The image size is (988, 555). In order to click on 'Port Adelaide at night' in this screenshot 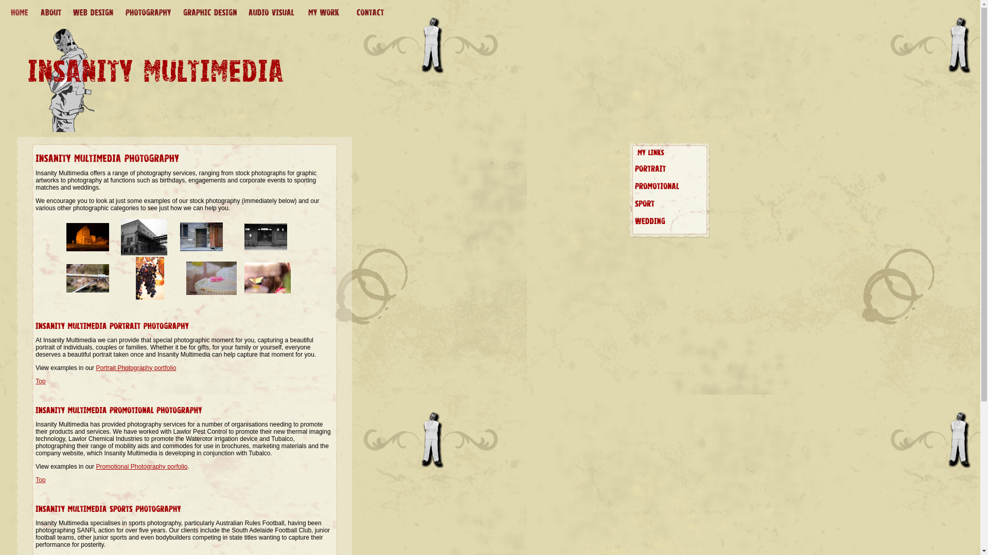, I will do `click(66, 249)`.